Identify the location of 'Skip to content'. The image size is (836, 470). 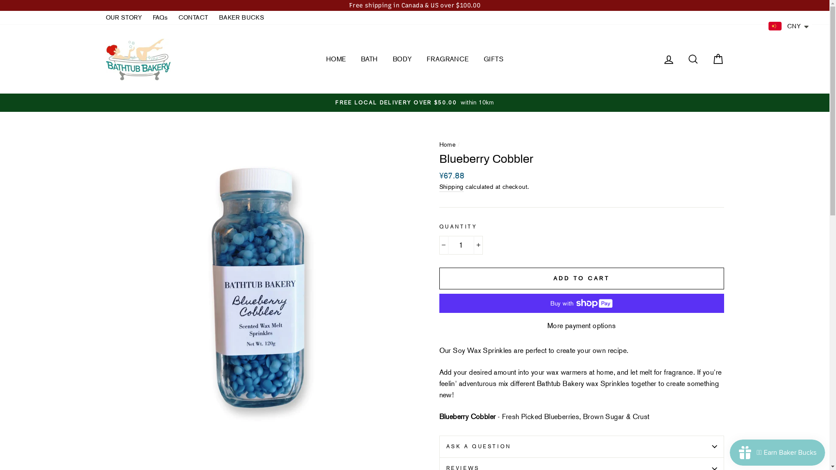
(0, 0).